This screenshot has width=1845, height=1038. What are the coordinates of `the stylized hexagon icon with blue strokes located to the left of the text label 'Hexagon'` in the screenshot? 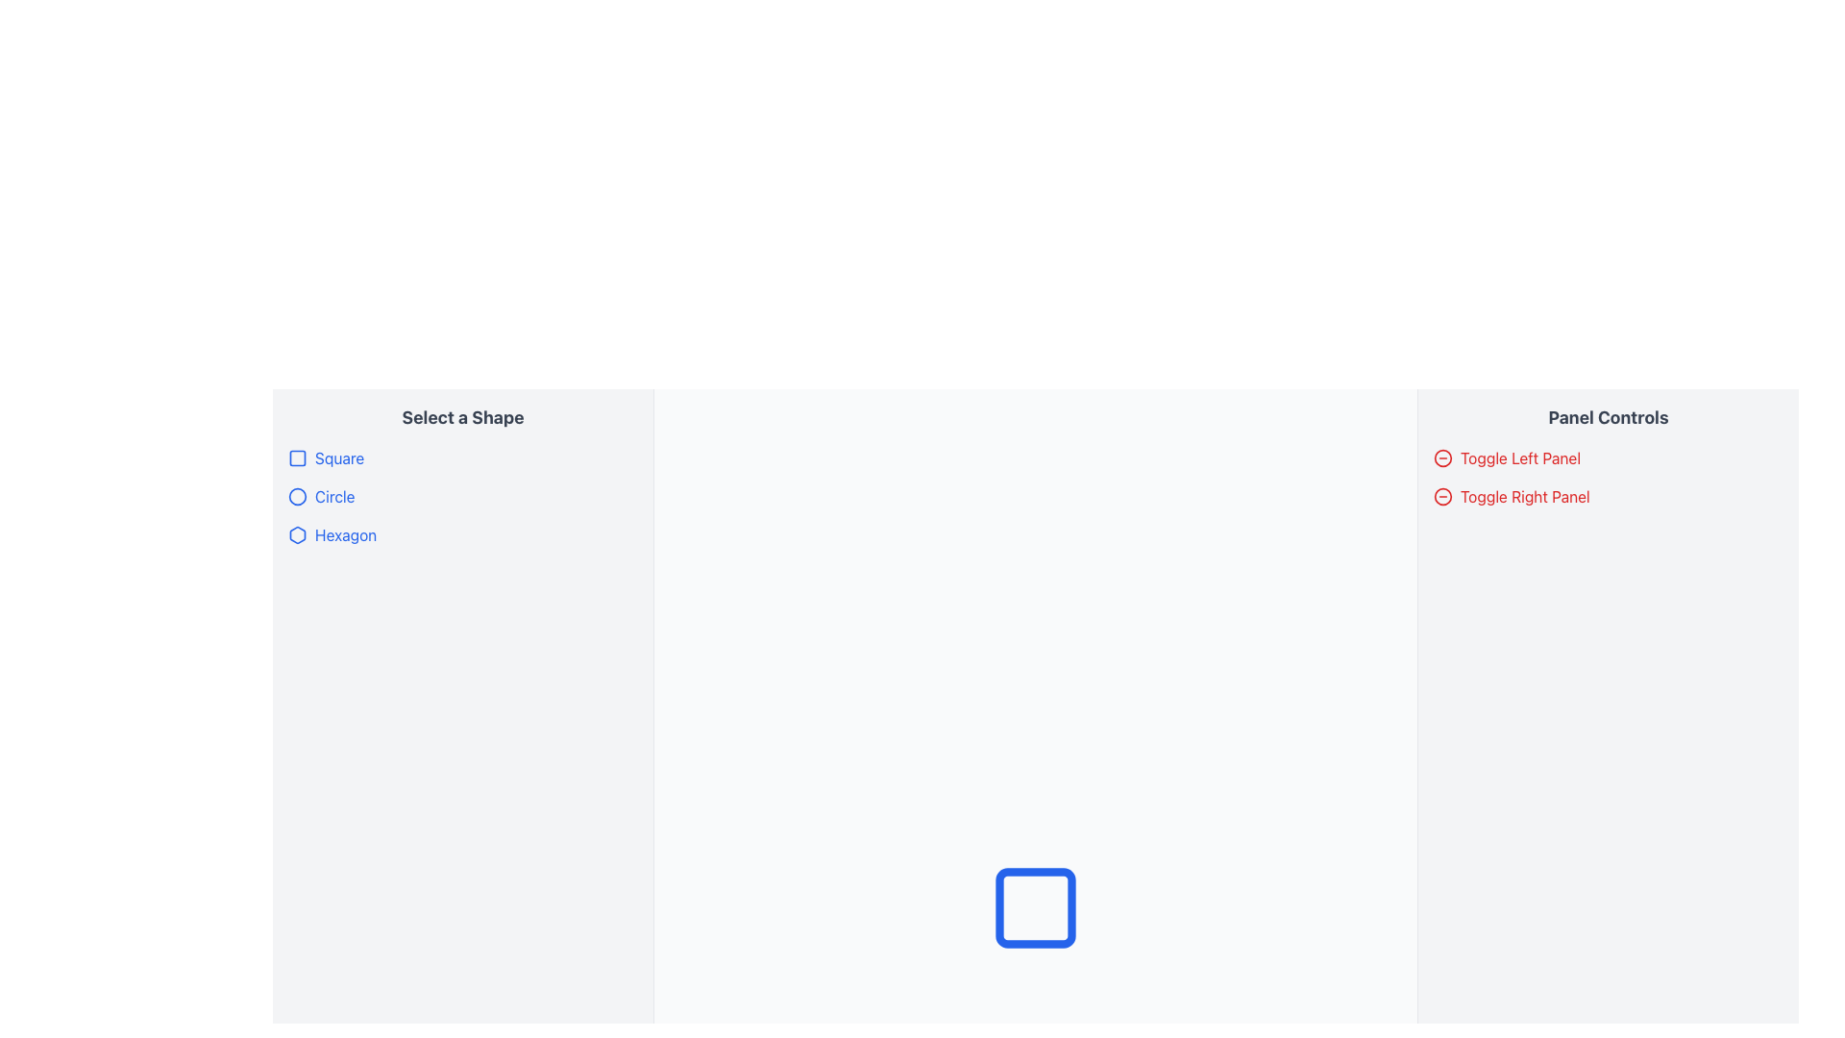 It's located at (297, 534).